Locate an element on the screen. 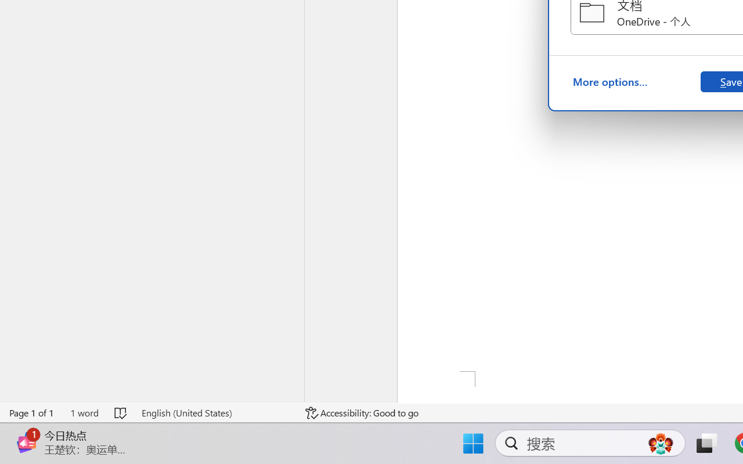 This screenshot has height=464, width=743. 'Language English (United States)' is located at coordinates (215, 412).